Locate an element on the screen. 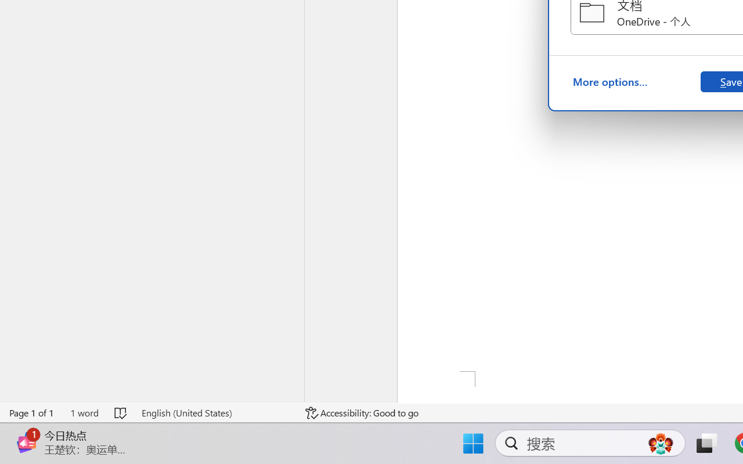 This screenshot has height=464, width=743. 'Language English (United States)' is located at coordinates (215, 412).